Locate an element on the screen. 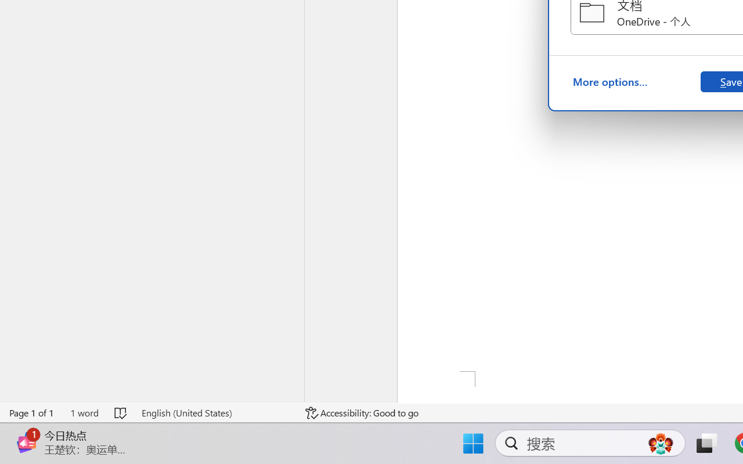 This screenshot has height=464, width=743. 'Language English (United States)' is located at coordinates (215, 412).